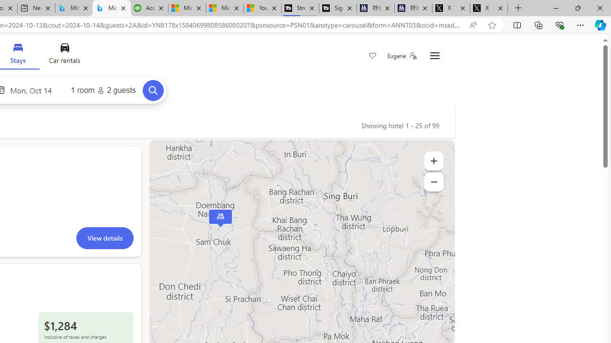 The height and width of the screenshot is (343, 611). Describe the element at coordinates (599, 8) in the screenshot. I see `'Close'` at that location.